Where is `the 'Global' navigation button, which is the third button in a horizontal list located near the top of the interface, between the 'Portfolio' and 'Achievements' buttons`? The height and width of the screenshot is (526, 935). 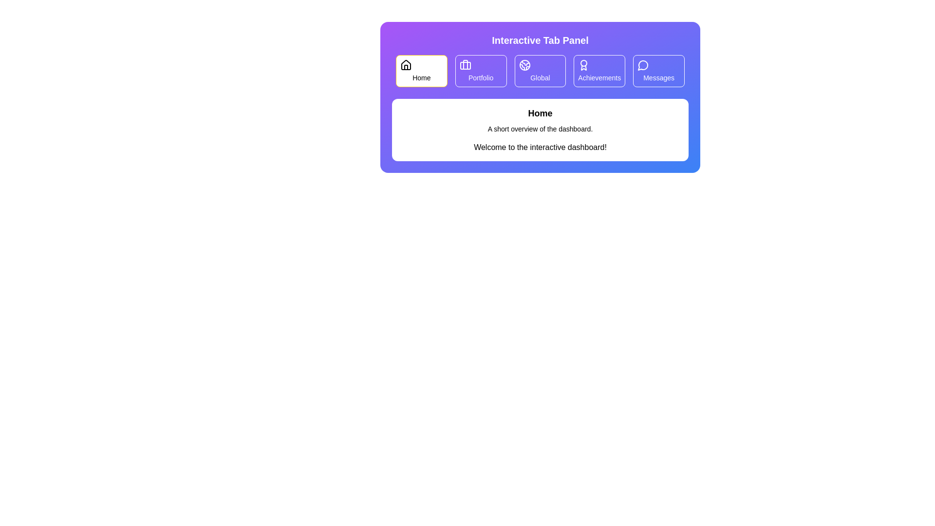 the 'Global' navigation button, which is the third button in a horizontal list located near the top of the interface, between the 'Portfolio' and 'Achievements' buttons is located at coordinates (540, 71).